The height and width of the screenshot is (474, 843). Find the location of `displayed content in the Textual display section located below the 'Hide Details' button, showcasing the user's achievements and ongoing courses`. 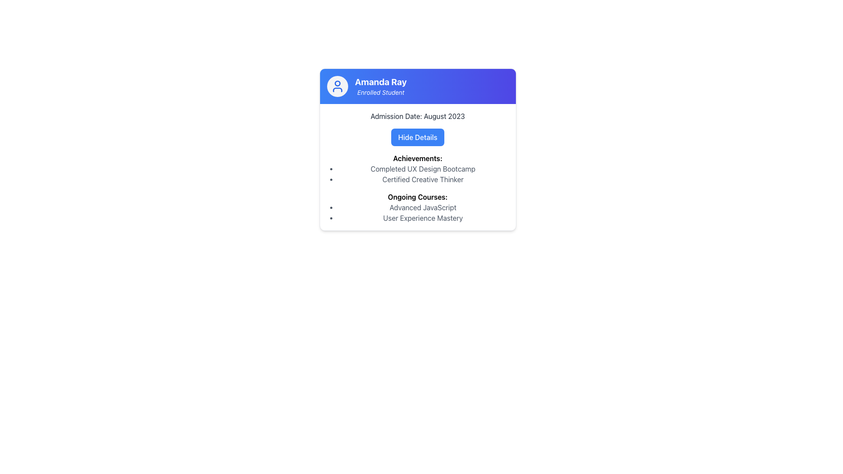

displayed content in the Textual display section located below the 'Hide Details' button, showcasing the user's achievements and ongoing courses is located at coordinates (417, 187).